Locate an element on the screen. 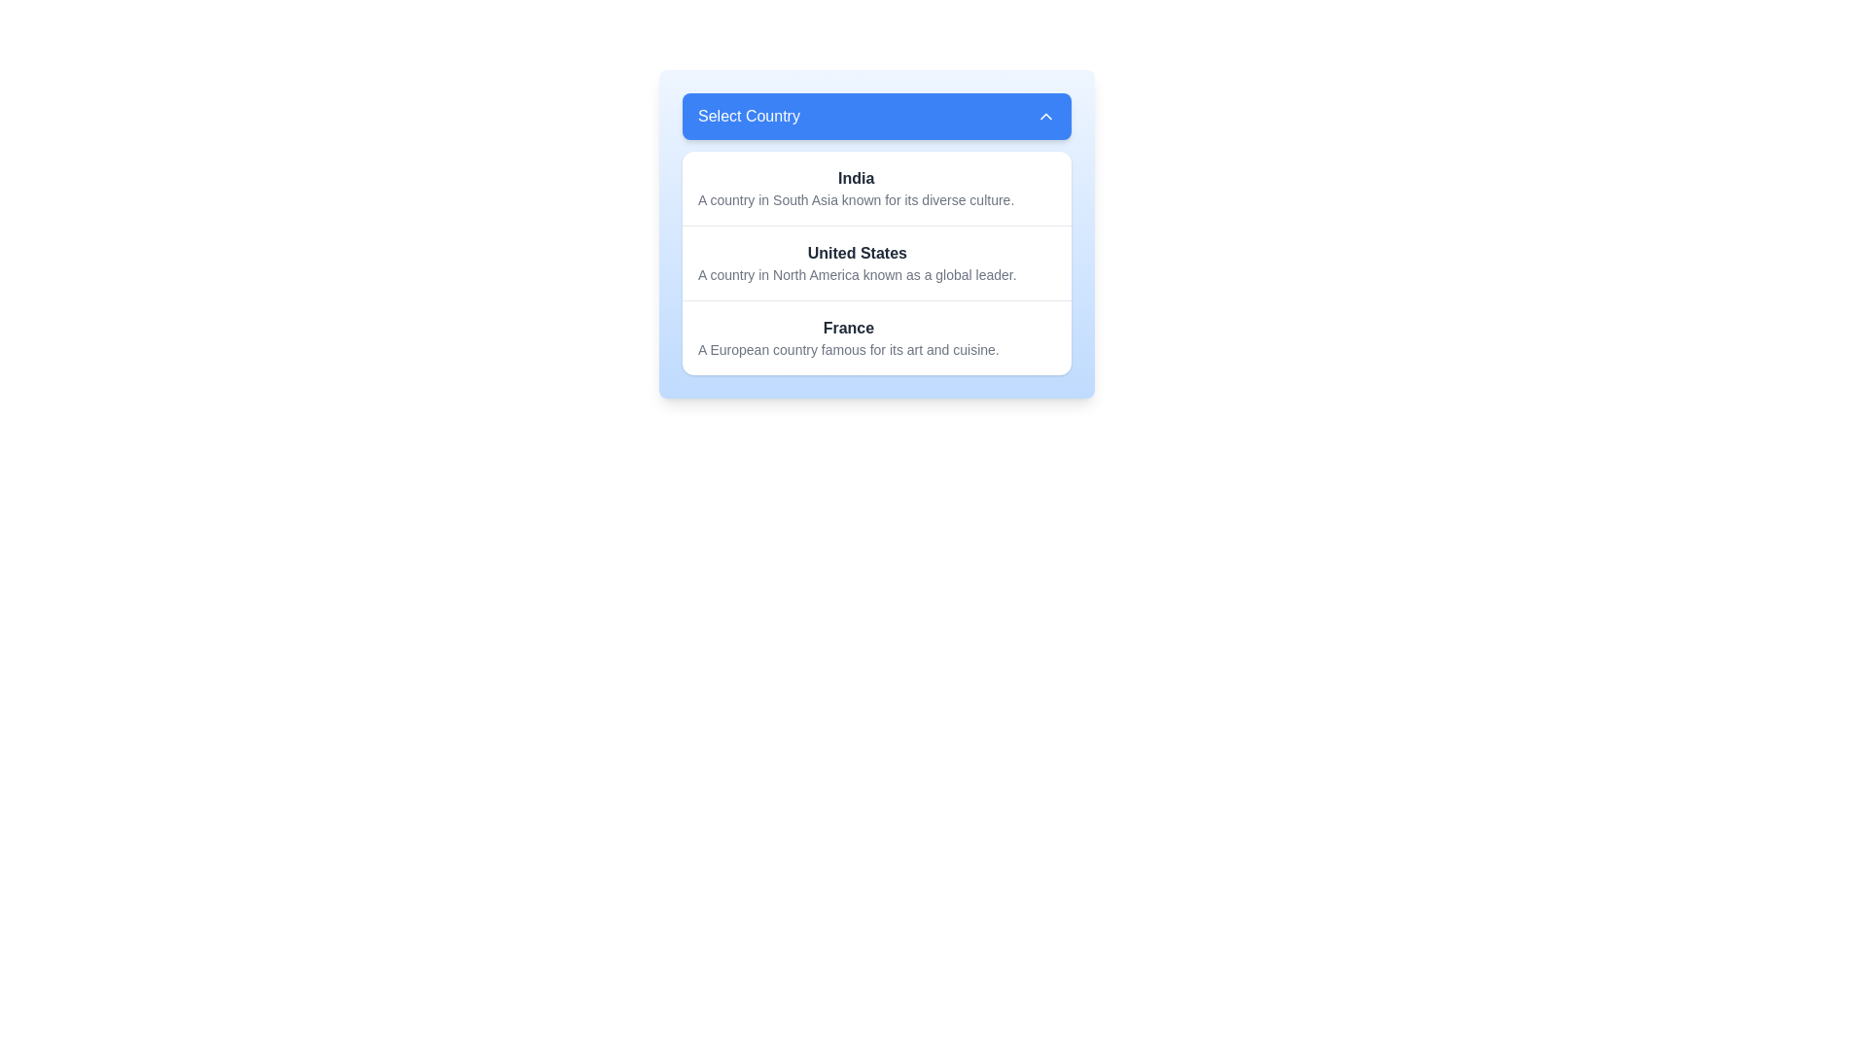 Image resolution: width=1867 pixels, height=1050 pixels. the 'Select Country' dropdown selector is located at coordinates (876, 232).